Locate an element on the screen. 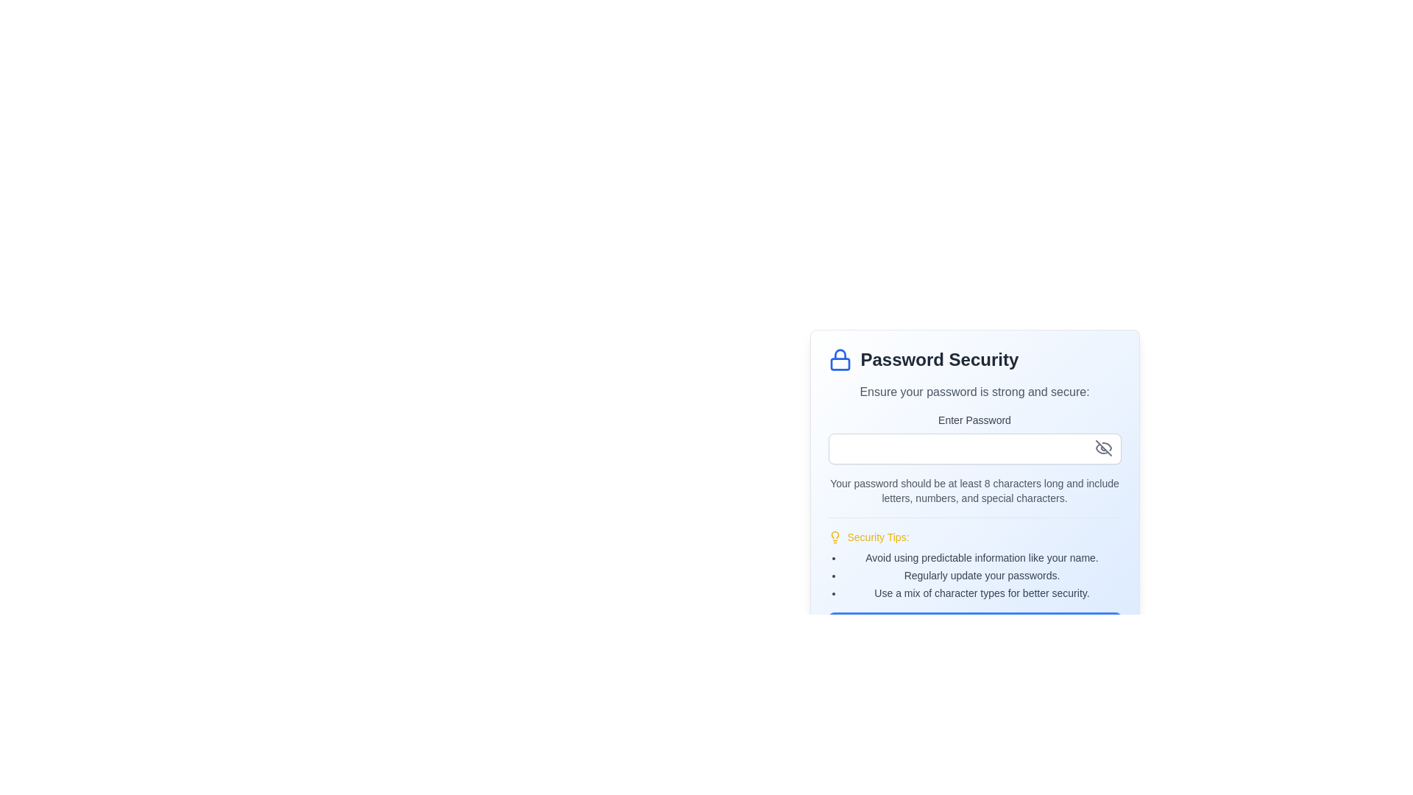  the informational tip text display advising users to enhance security by using a mixture of character types in their passwords, located in the lower-middle part of the password security guide card is located at coordinates (982, 593).